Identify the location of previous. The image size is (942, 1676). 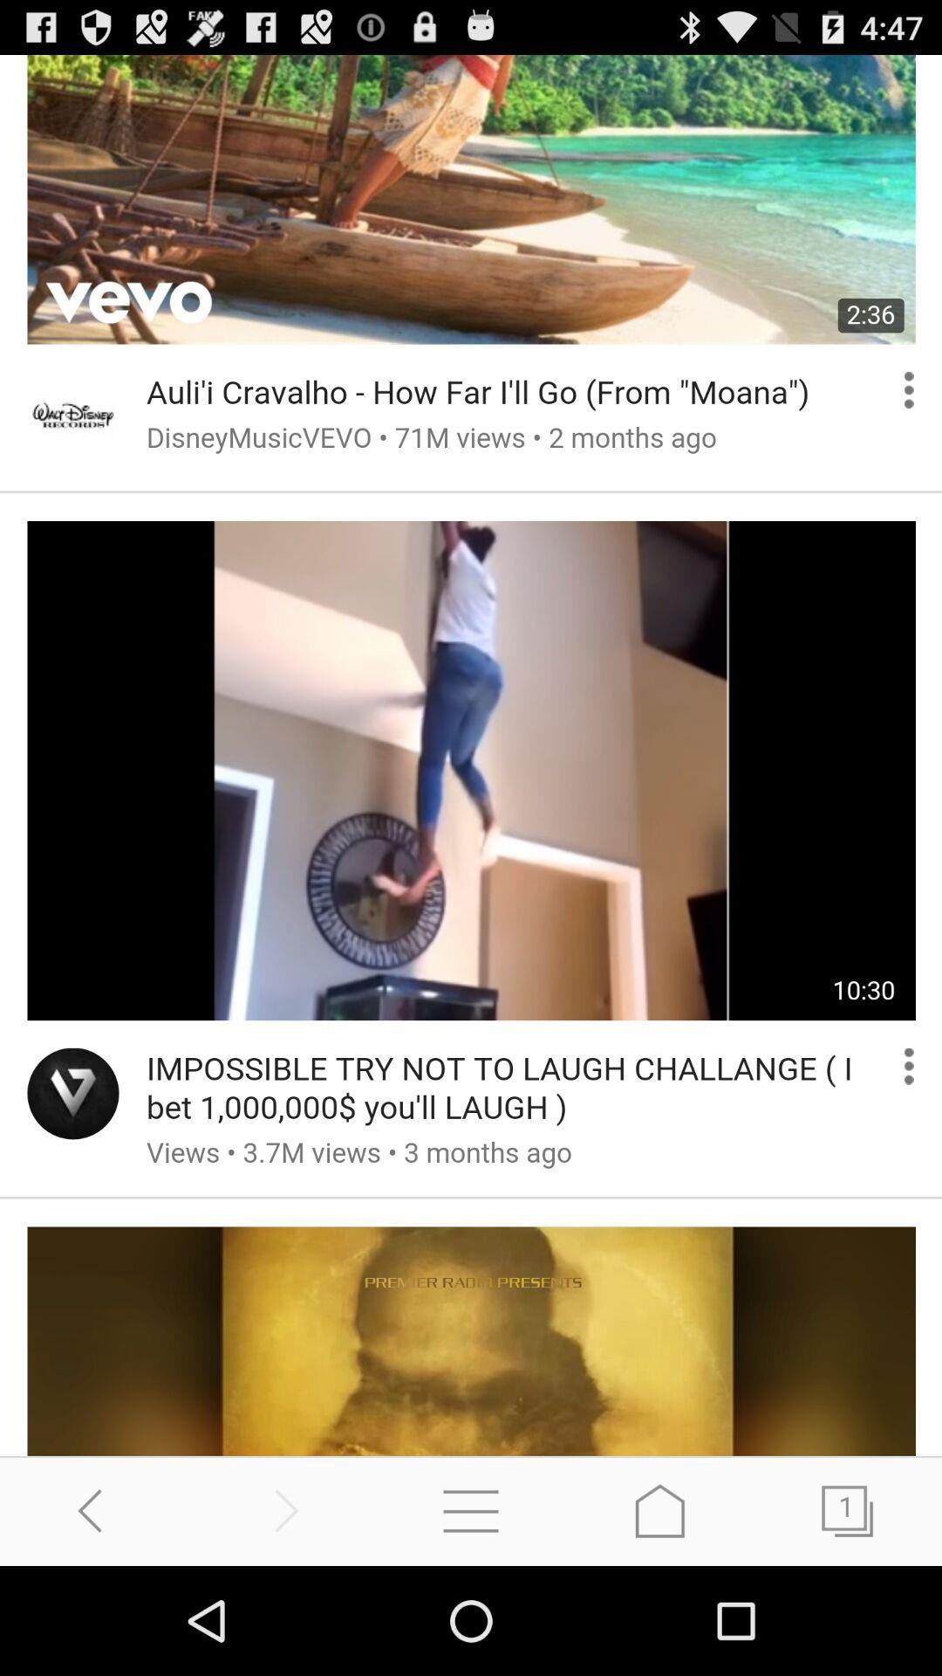
(282, 1510).